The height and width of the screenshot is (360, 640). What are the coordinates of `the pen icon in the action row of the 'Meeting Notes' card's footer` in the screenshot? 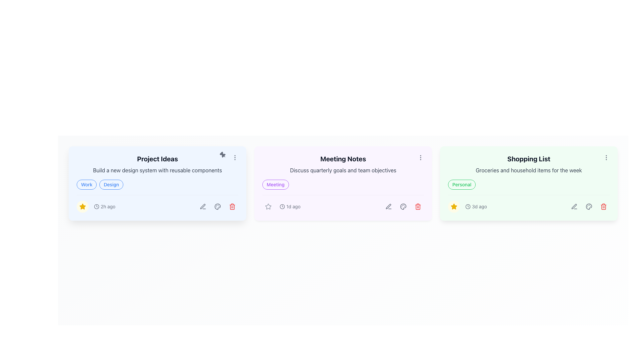 It's located at (388, 206).